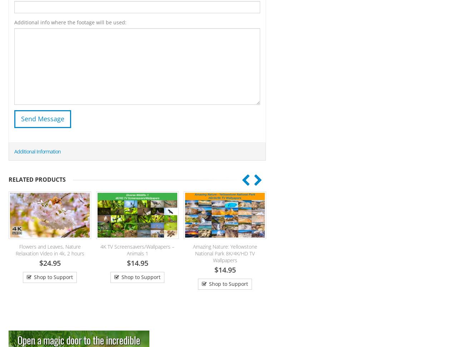 This screenshot has width=456, height=347. Describe the element at coordinates (68, 250) in the screenshot. I see `'4K TV Screensavers/Wallpapers – Animals 1'` at that location.